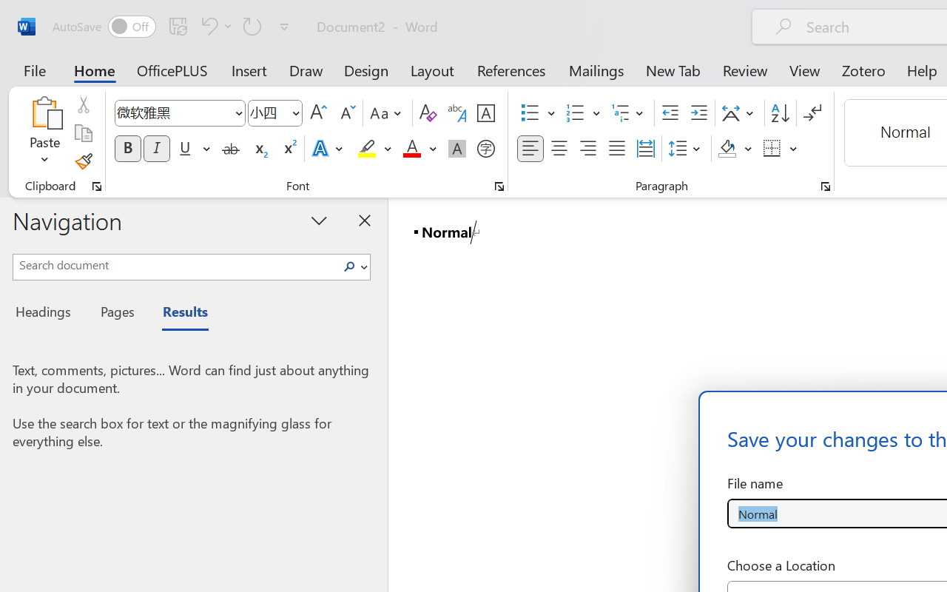  What do you see at coordinates (596, 70) in the screenshot?
I see `'Mailings'` at bounding box center [596, 70].